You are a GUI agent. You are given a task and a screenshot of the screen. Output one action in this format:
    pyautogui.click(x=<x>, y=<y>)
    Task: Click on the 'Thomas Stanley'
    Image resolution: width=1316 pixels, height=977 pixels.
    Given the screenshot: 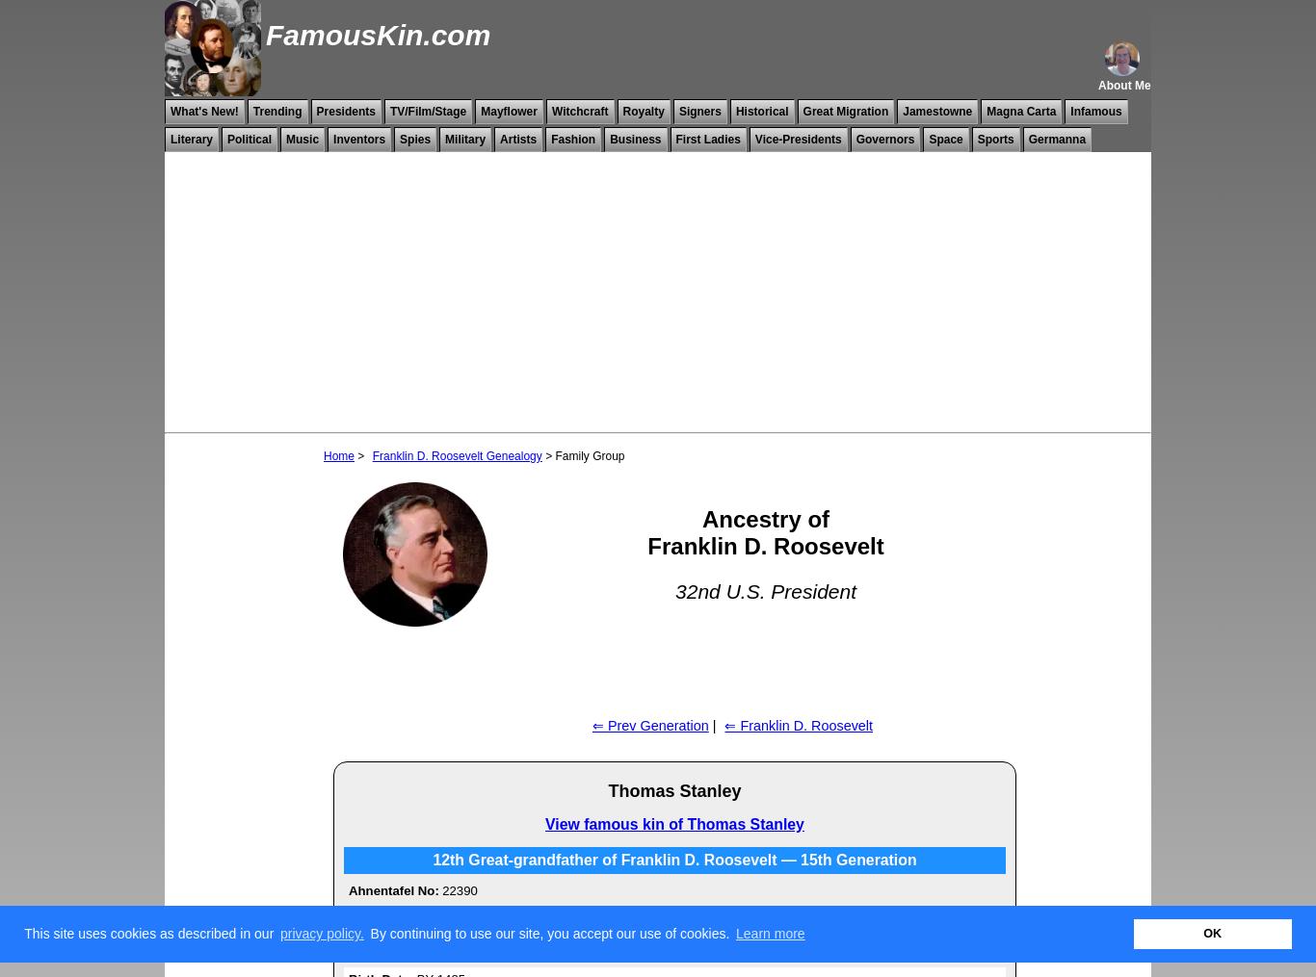 What is the action you would take?
    pyautogui.click(x=673, y=790)
    